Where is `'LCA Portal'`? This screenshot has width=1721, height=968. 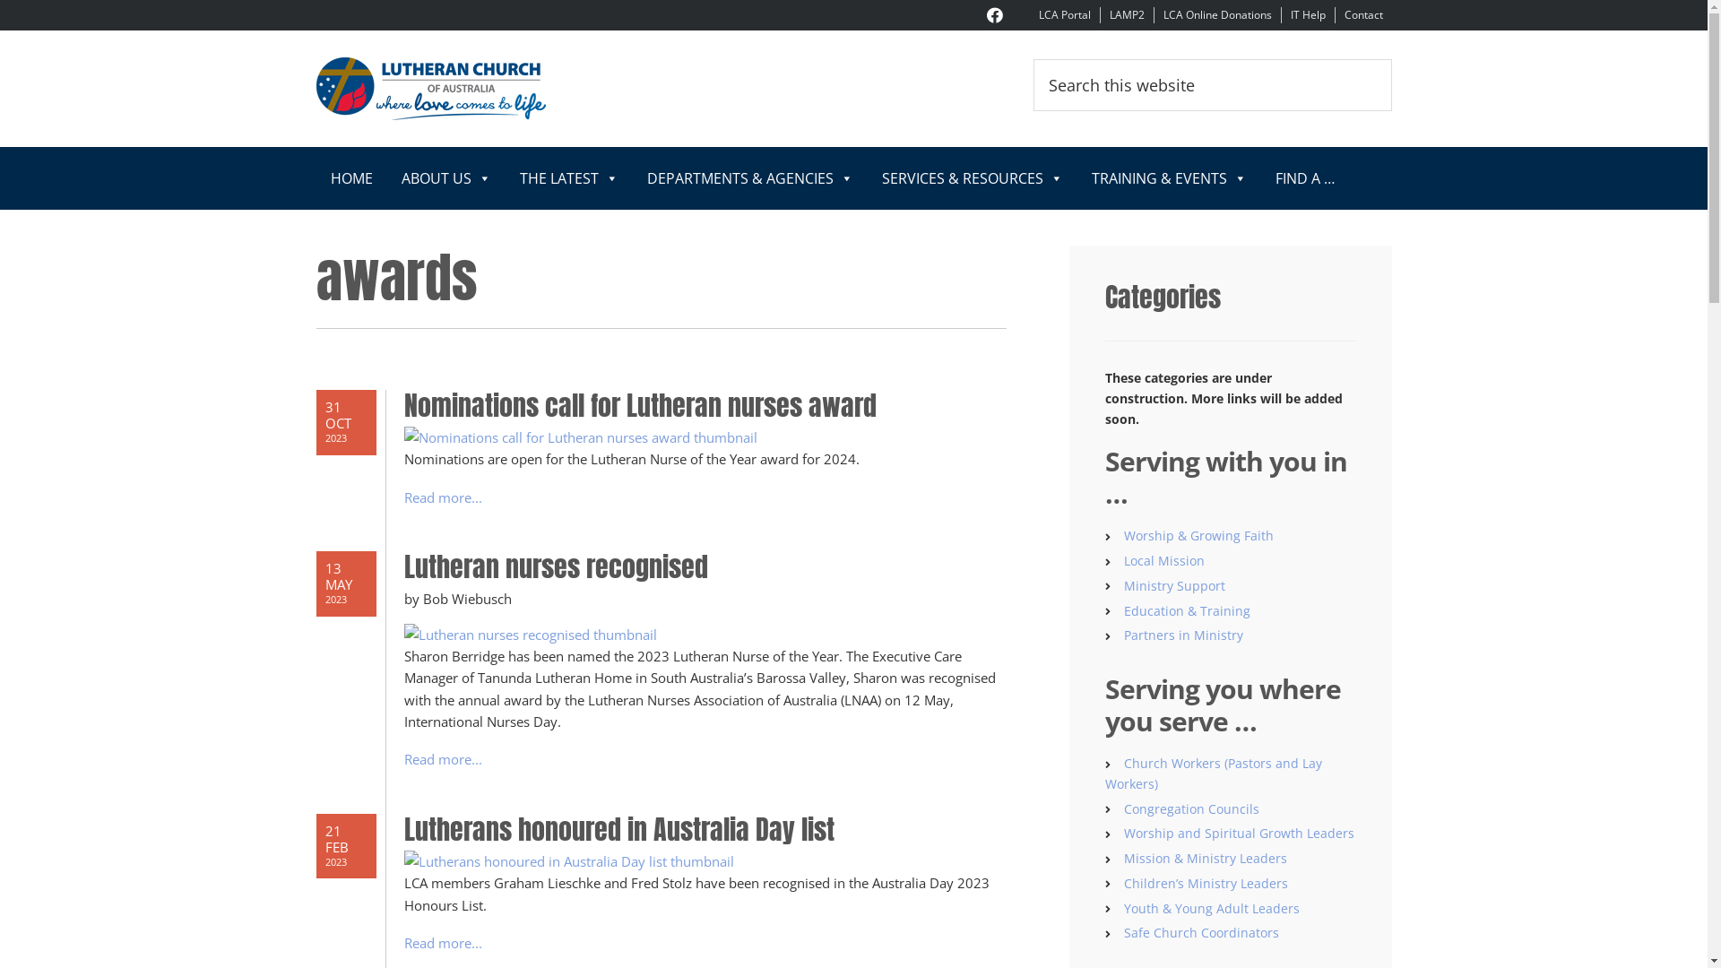 'LCA Portal' is located at coordinates (1037, 14).